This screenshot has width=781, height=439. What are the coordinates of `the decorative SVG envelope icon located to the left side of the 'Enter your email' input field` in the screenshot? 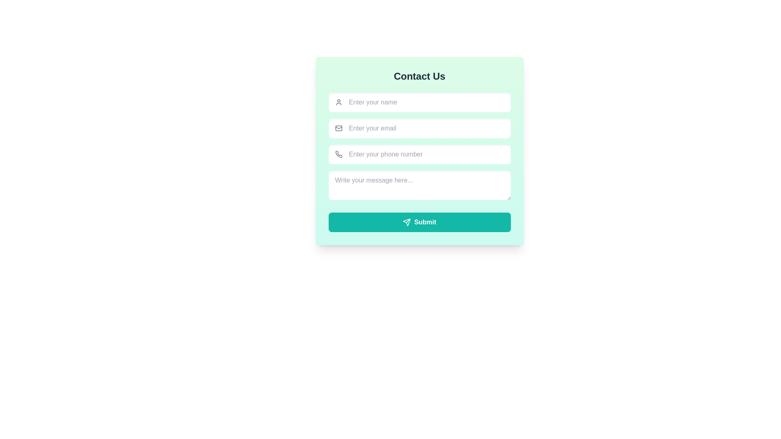 It's located at (338, 128).